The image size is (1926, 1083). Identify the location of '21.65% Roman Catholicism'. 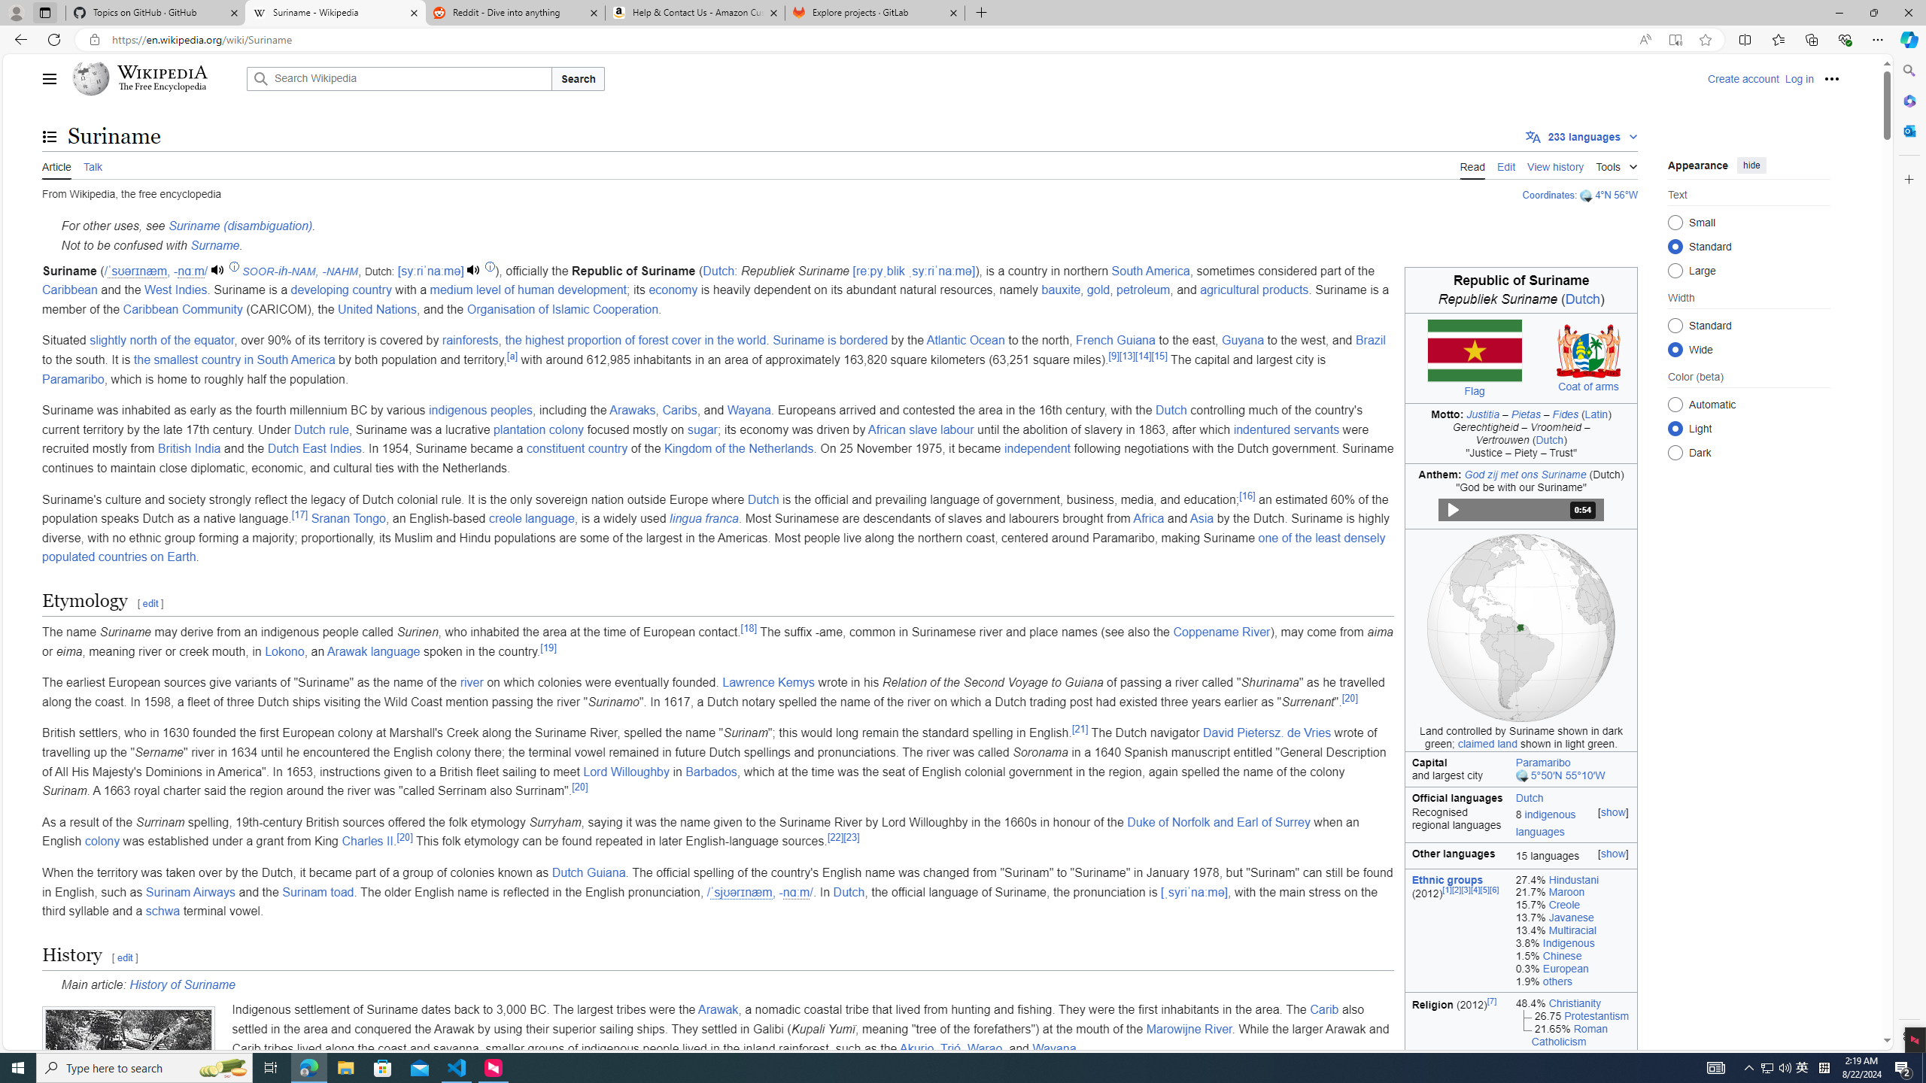
(1573, 1034).